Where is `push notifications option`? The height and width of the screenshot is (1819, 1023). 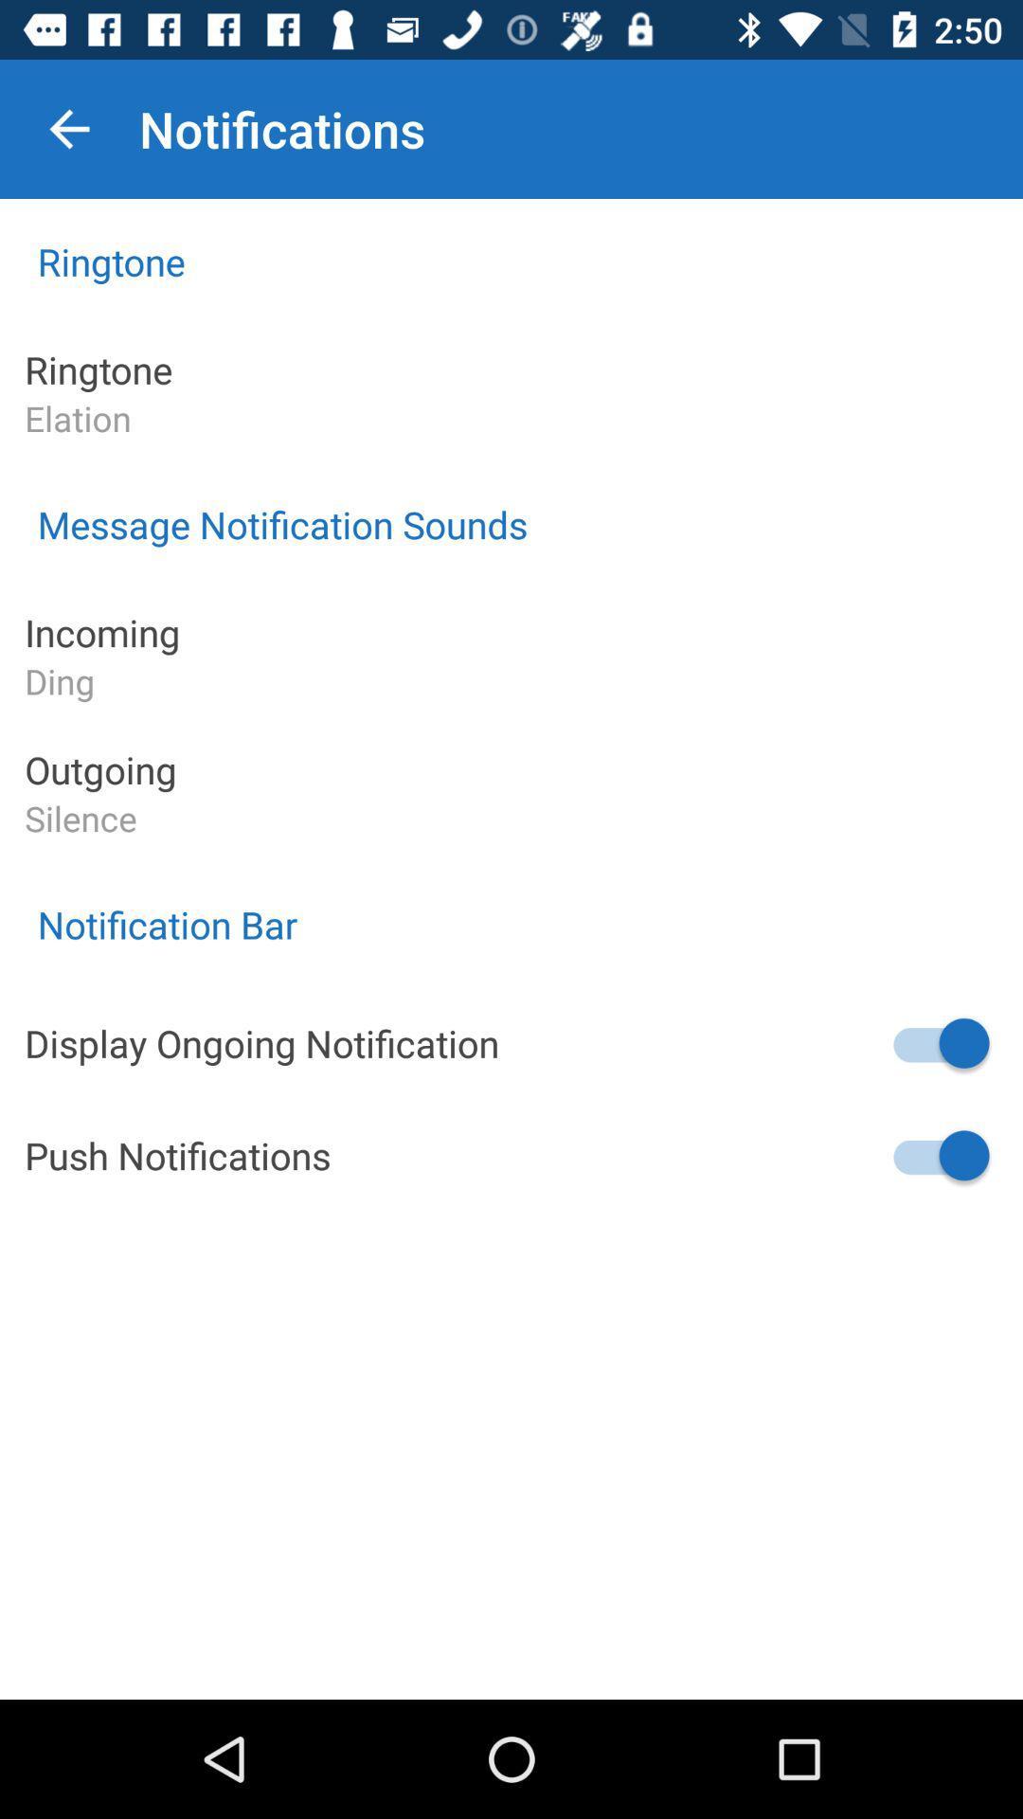
push notifications option is located at coordinates (939, 1154).